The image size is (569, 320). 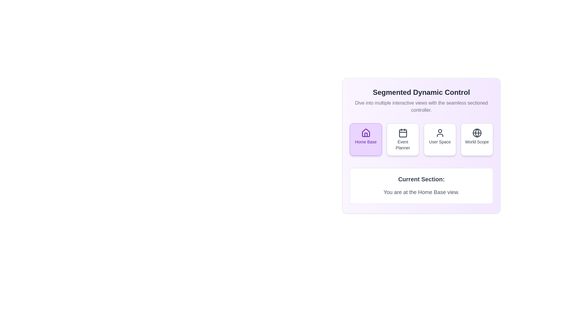 I want to click on the 'User Space' button, which is the third button in a series of four, styled with a white background and gray border, so click(x=440, y=139).